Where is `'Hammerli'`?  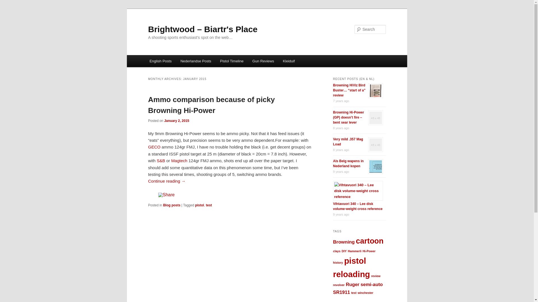
'Hammerli' is located at coordinates (354, 251).